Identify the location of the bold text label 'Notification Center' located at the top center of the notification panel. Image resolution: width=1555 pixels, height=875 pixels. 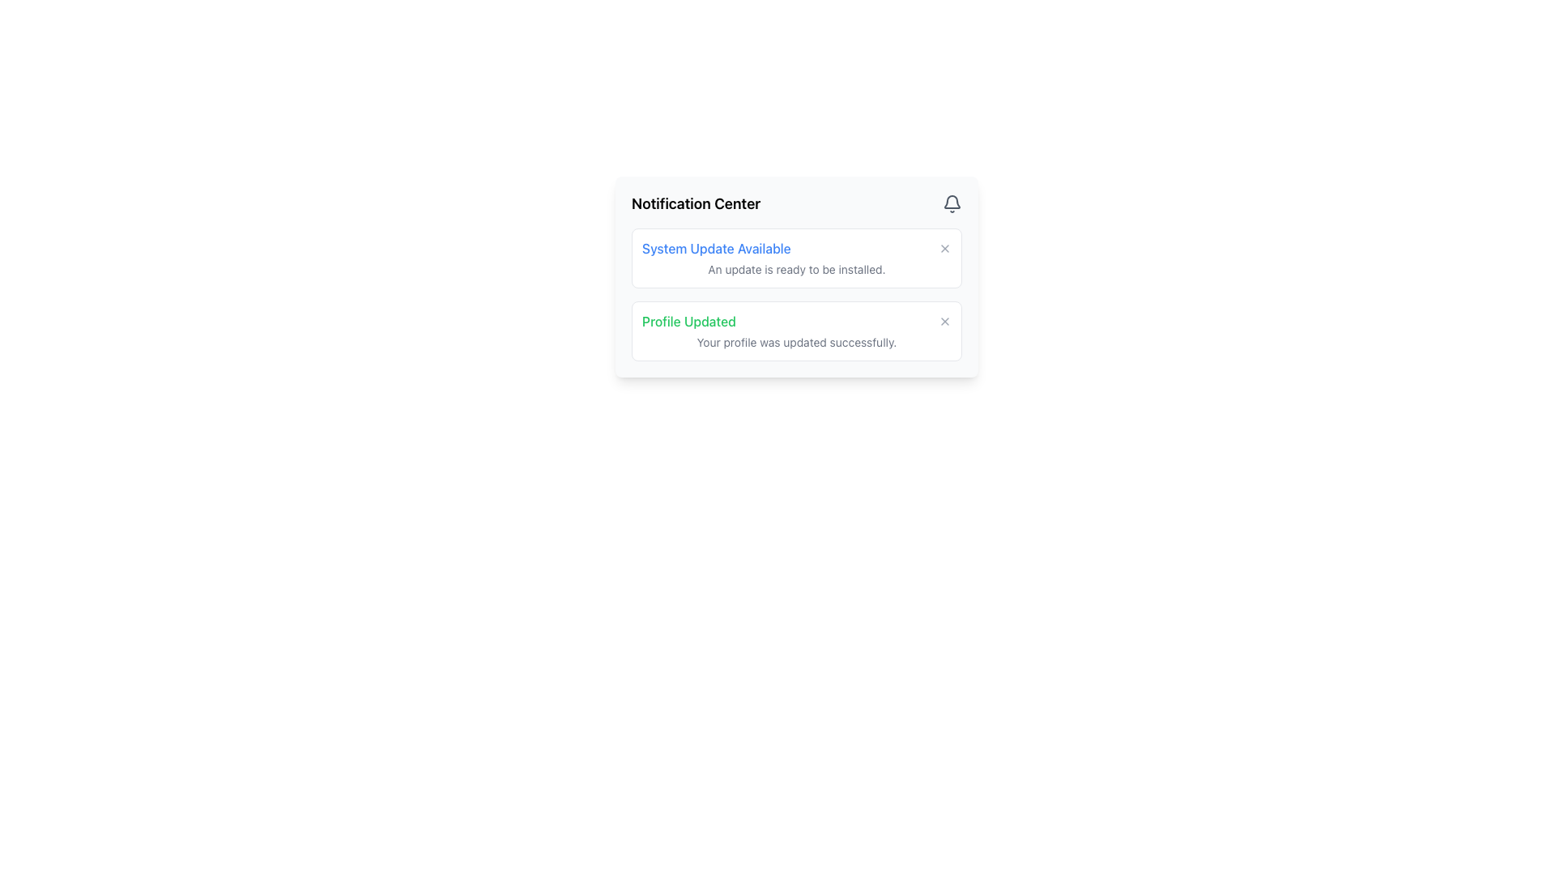
(696, 203).